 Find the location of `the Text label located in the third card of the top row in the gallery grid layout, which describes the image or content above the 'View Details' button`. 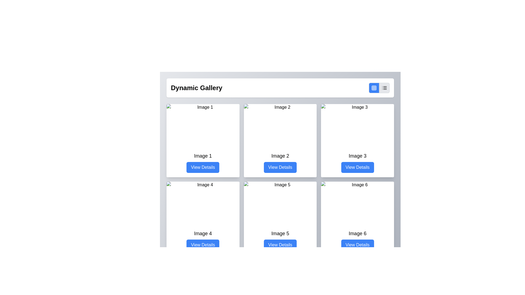

the Text label located in the third card of the top row in the gallery grid layout, which describes the image or content above the 'View Details' button is located at coordinates (357, 156).